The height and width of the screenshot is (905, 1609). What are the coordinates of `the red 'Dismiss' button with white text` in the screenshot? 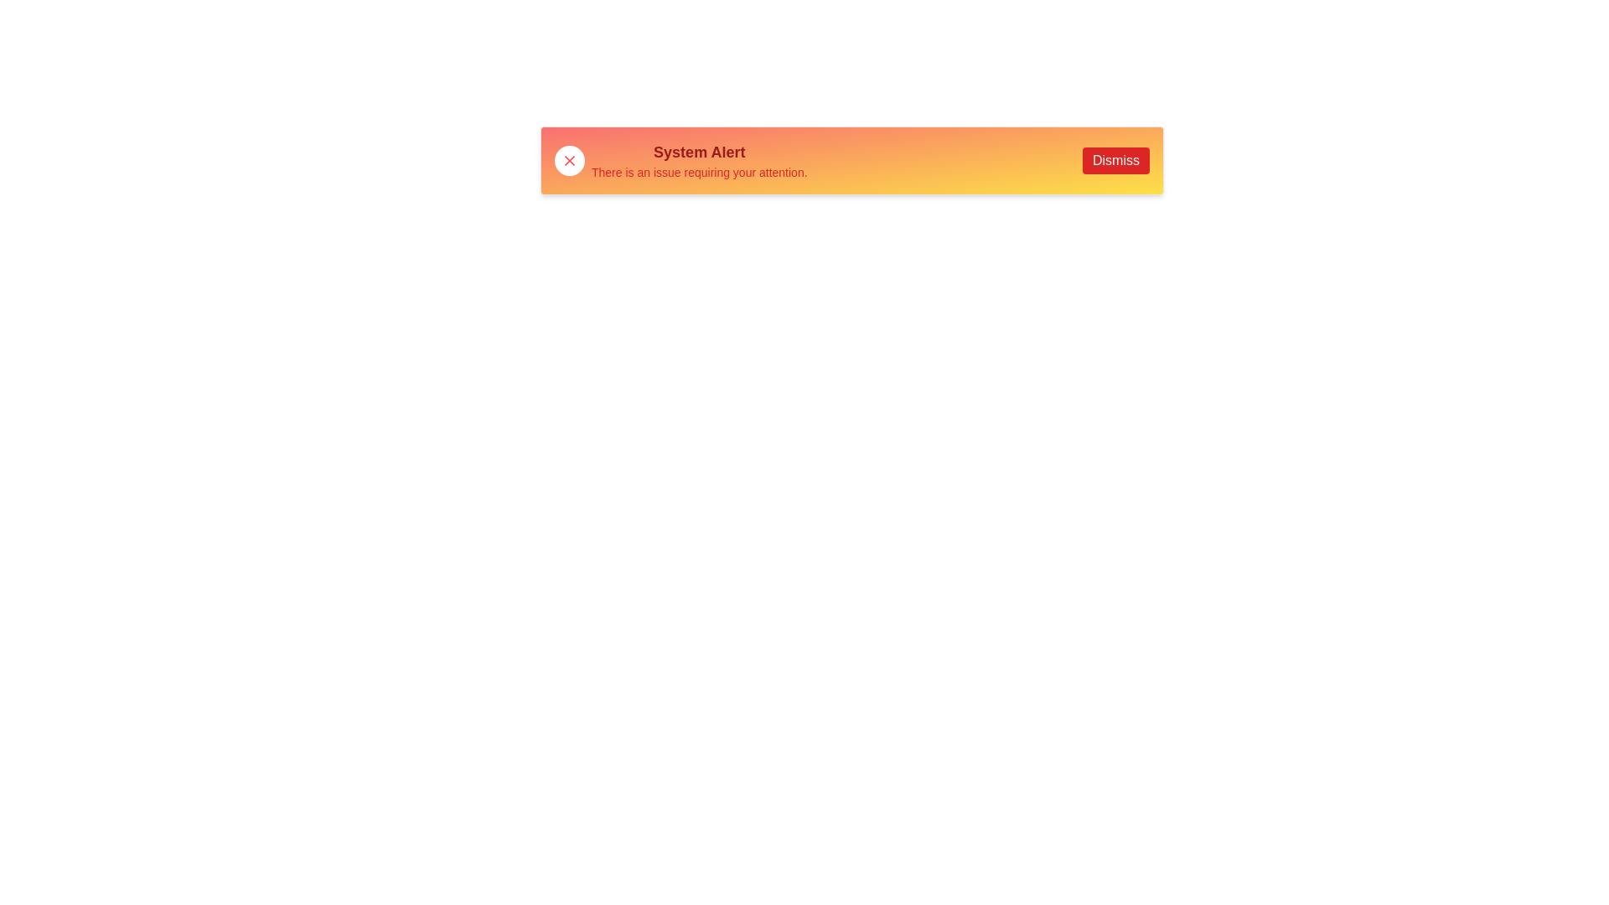 It's located at (1115, 161).